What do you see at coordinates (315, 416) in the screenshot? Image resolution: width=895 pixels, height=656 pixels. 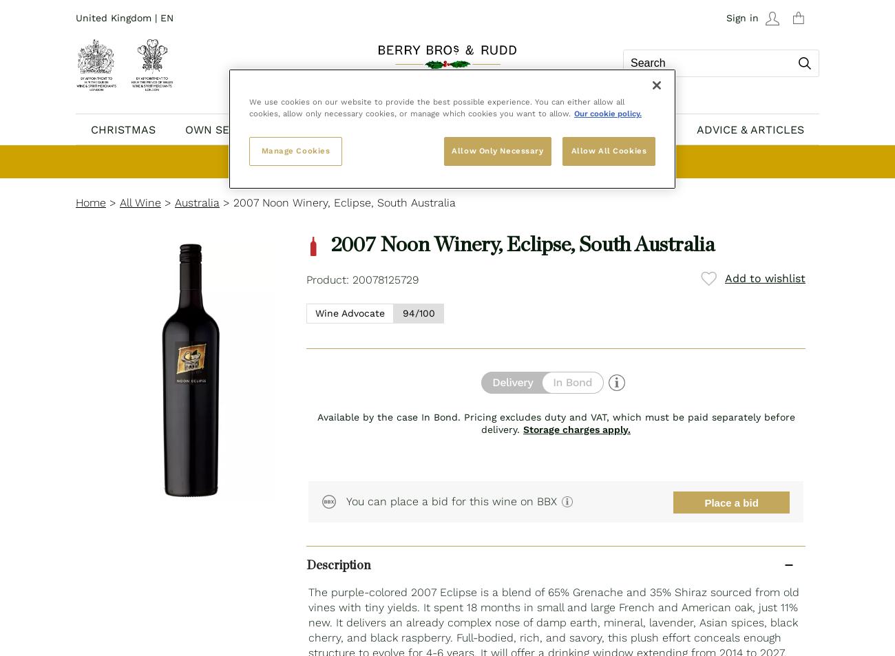 I see `'Available by the case In Bond.'` at bounding box center [315, 416].